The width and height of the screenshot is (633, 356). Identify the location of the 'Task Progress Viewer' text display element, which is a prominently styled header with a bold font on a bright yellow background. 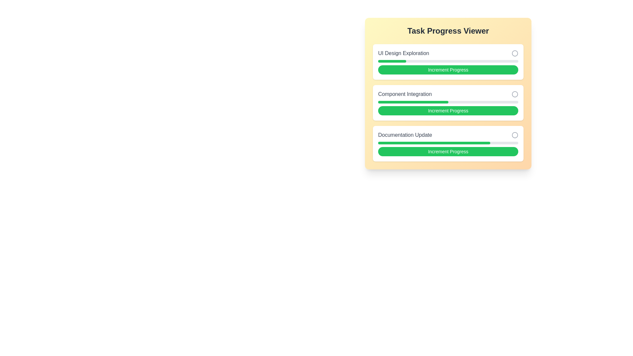
(448, 31).